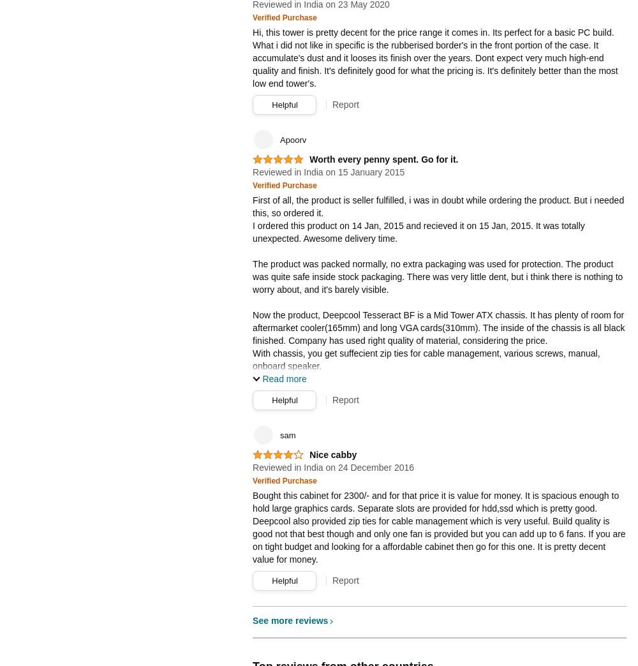 The height and width of the screenshot is (666, 638). I want to click on 'I ordered this product on 14 Jan, 2015 and recieved it on 15 Jan, 2015. It was totally unexpected. Awesome delivery time.', so click(419, 231).